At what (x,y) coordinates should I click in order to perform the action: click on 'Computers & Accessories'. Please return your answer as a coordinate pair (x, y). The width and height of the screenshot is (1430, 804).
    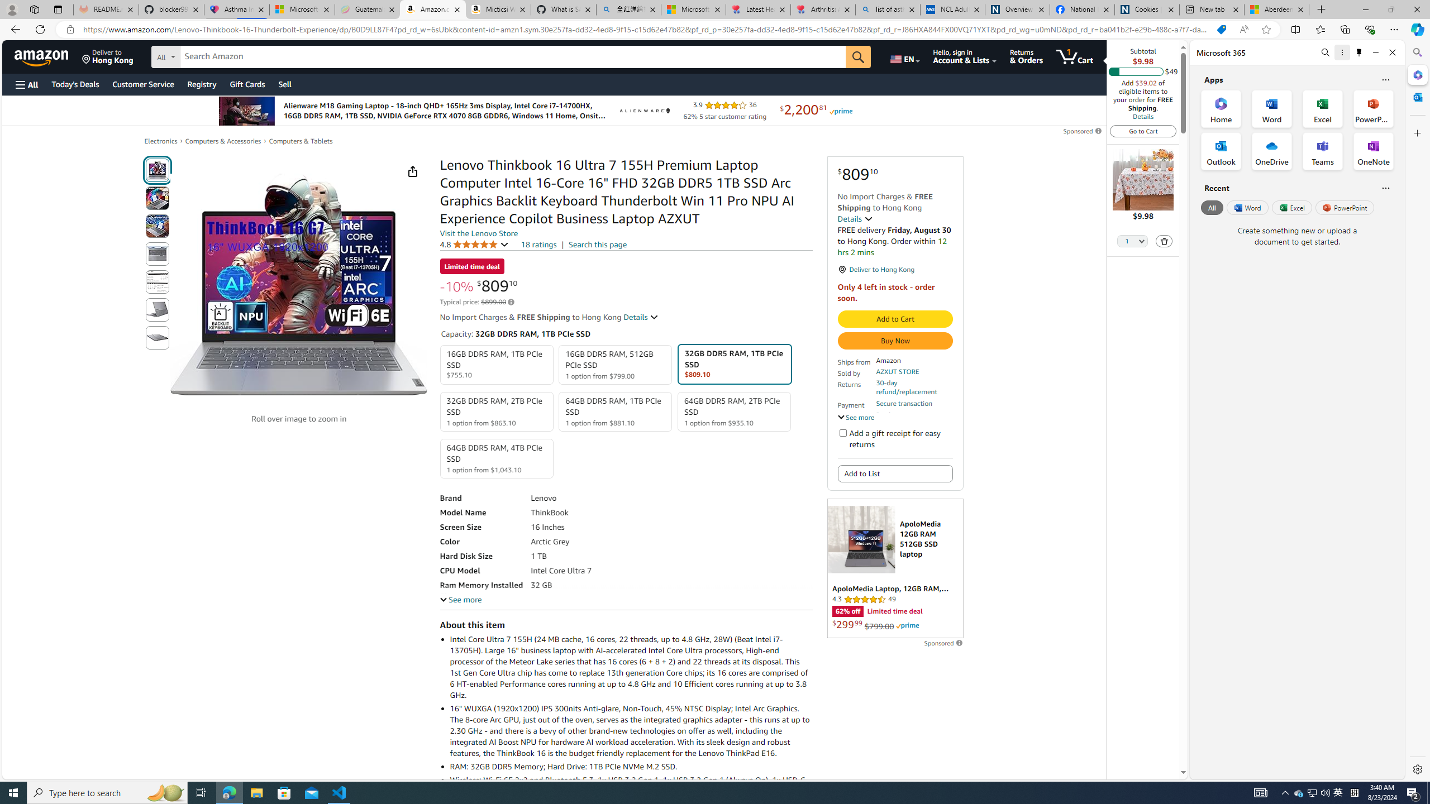
    Looking at the image, I should click on (223, 141).